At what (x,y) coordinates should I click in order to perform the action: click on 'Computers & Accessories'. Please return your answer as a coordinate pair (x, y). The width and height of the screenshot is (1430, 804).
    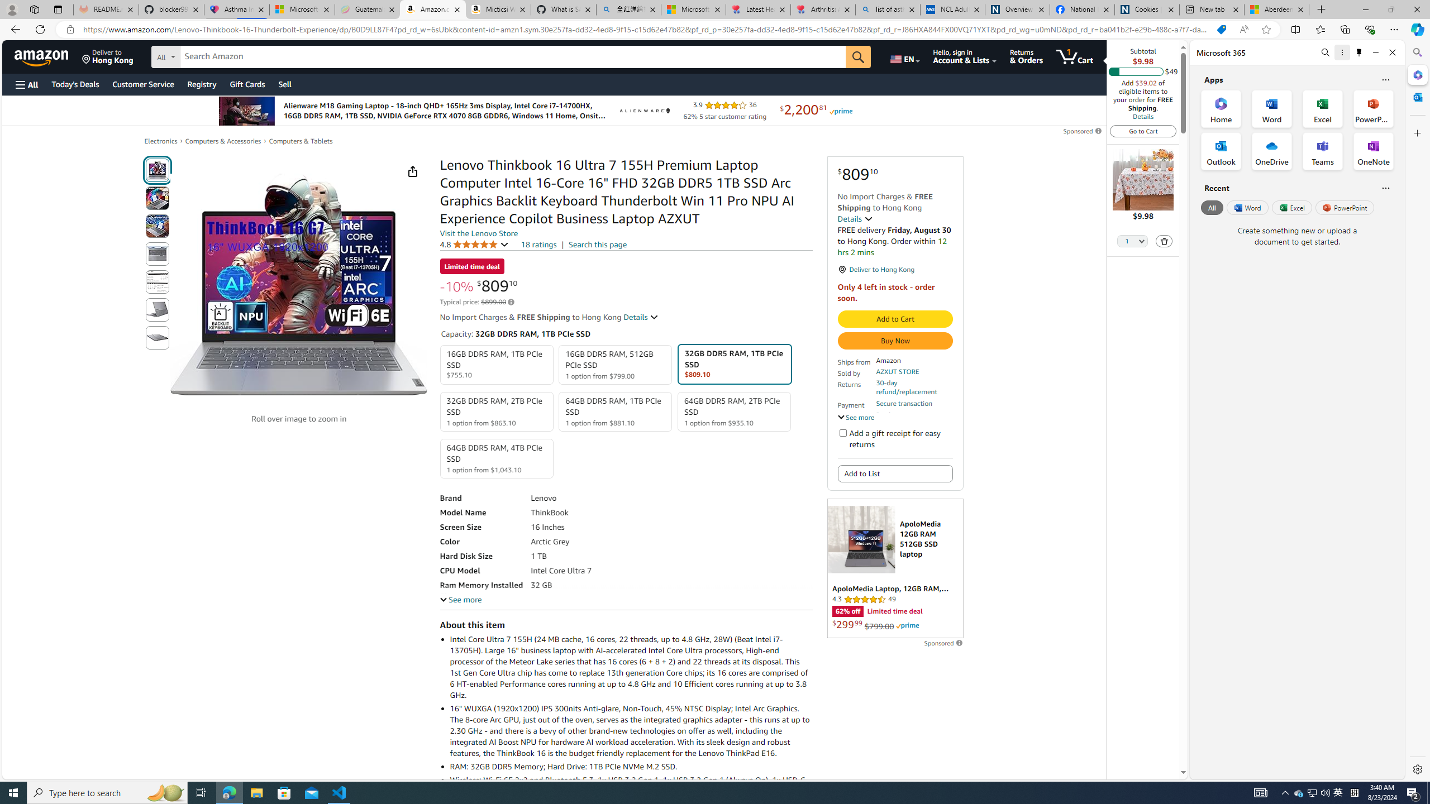
    Looking at the image, I should click on (223, 141).